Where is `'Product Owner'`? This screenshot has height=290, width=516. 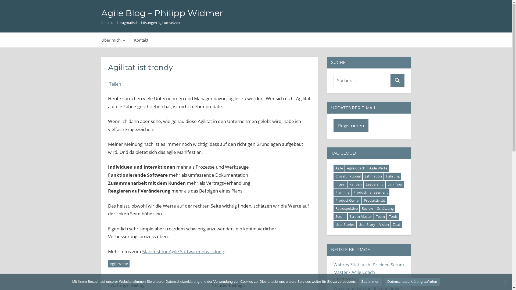
'Product Owner' is located at coordinates (347, 200).